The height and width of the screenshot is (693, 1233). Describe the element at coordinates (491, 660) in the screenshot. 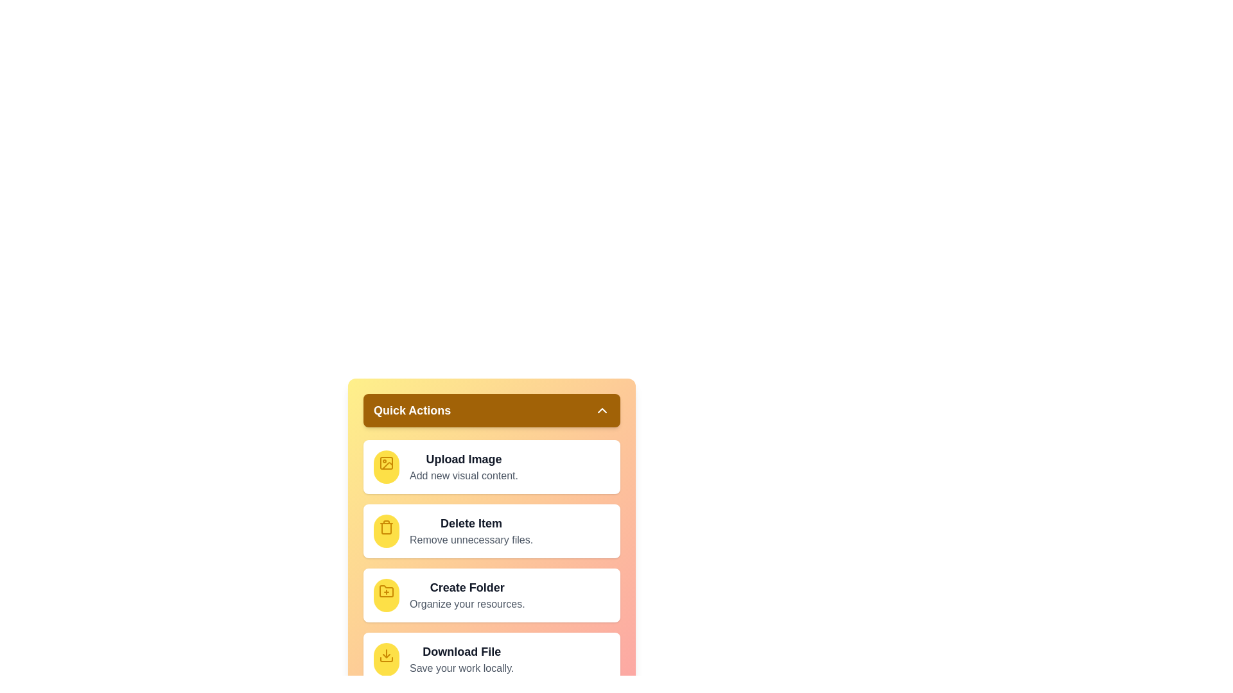

I see `the 'Download File' option in the QuickActionMenu` at that location.